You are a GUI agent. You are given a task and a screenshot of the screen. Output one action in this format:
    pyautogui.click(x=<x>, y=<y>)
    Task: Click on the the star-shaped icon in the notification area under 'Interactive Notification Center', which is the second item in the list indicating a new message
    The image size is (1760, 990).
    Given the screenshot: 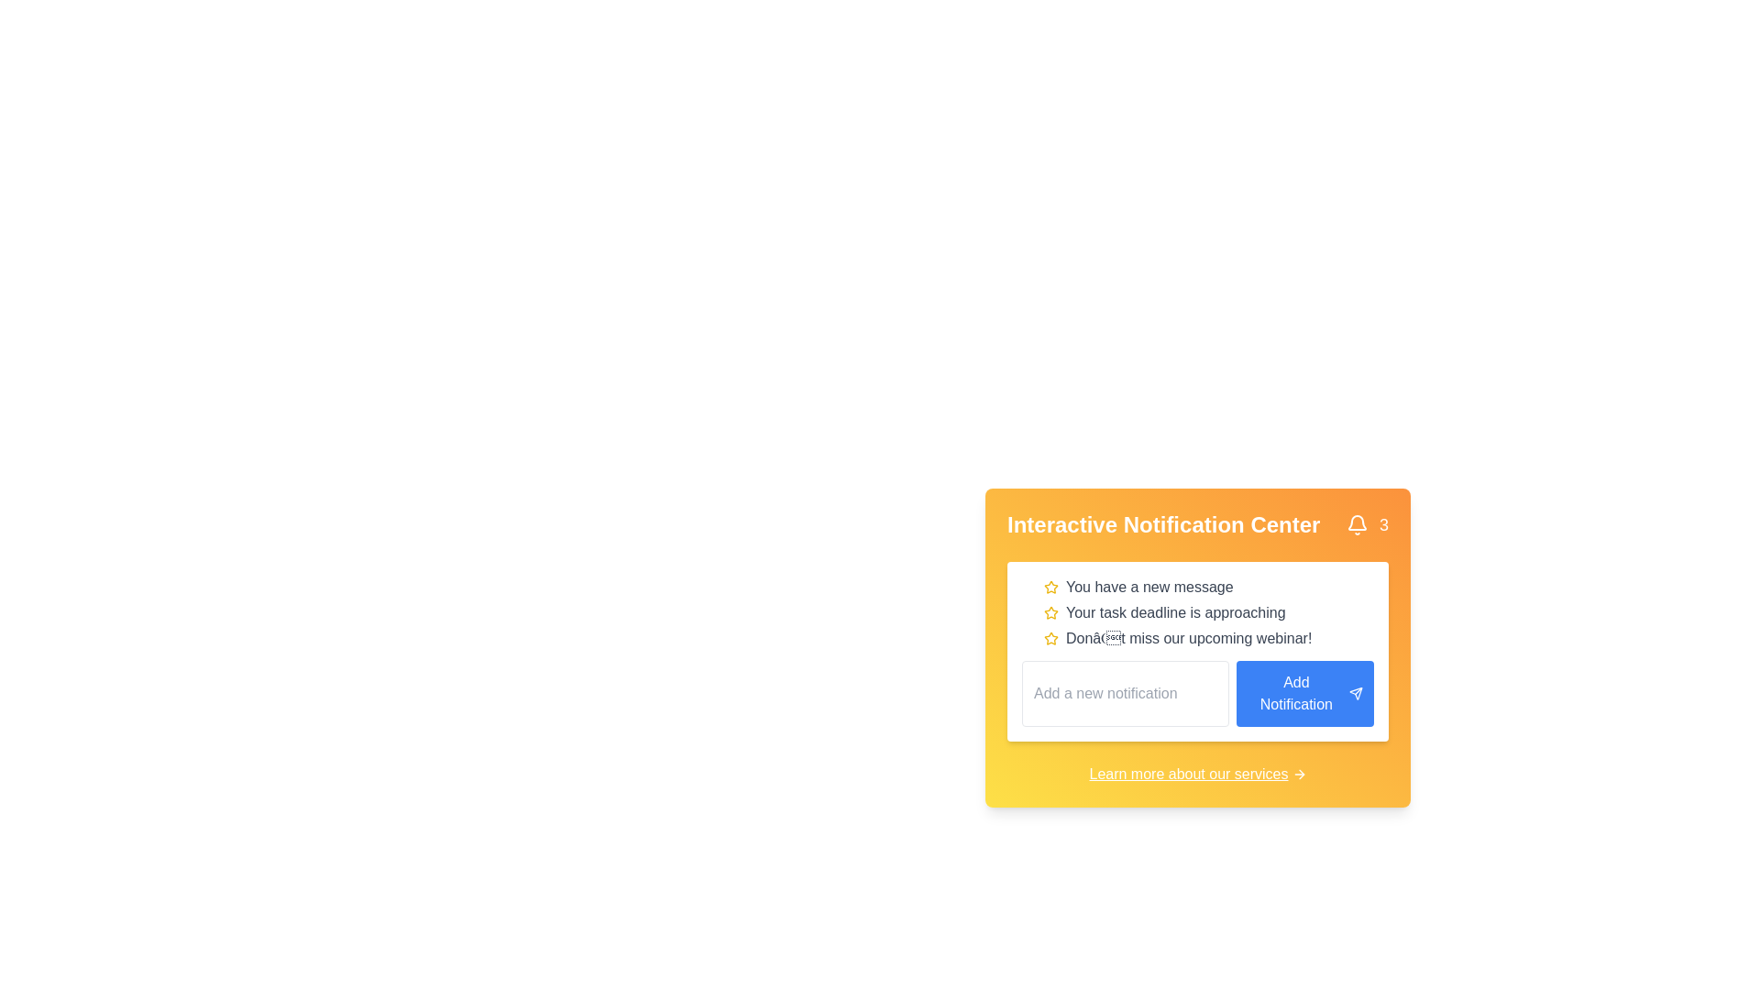 What is the action you would take?
    pyautogui.click(x=1051, y=587)
    